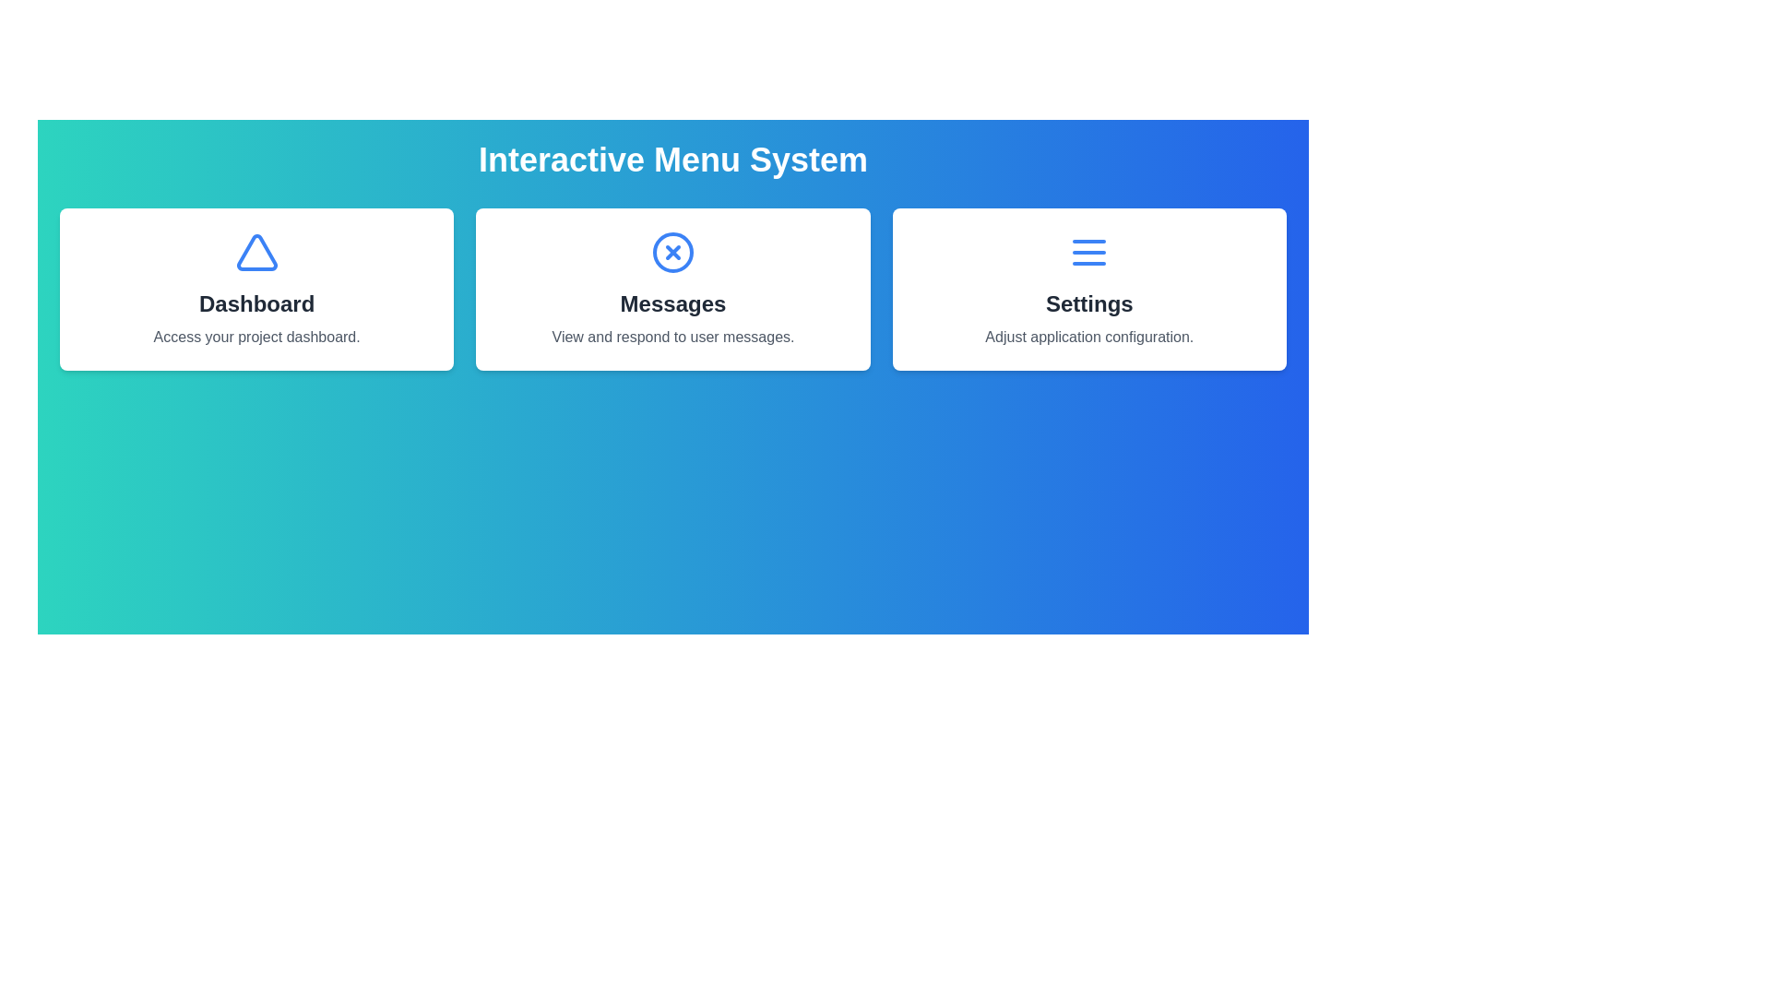 This screenshot has height=996, width=1771. What do you see at coordinates (256, 252) in the screenshot?
I see `the top-centered 'Dashboard' icon, which is the leftmost icon in a three-card layout` at bounding box center [256, 252].